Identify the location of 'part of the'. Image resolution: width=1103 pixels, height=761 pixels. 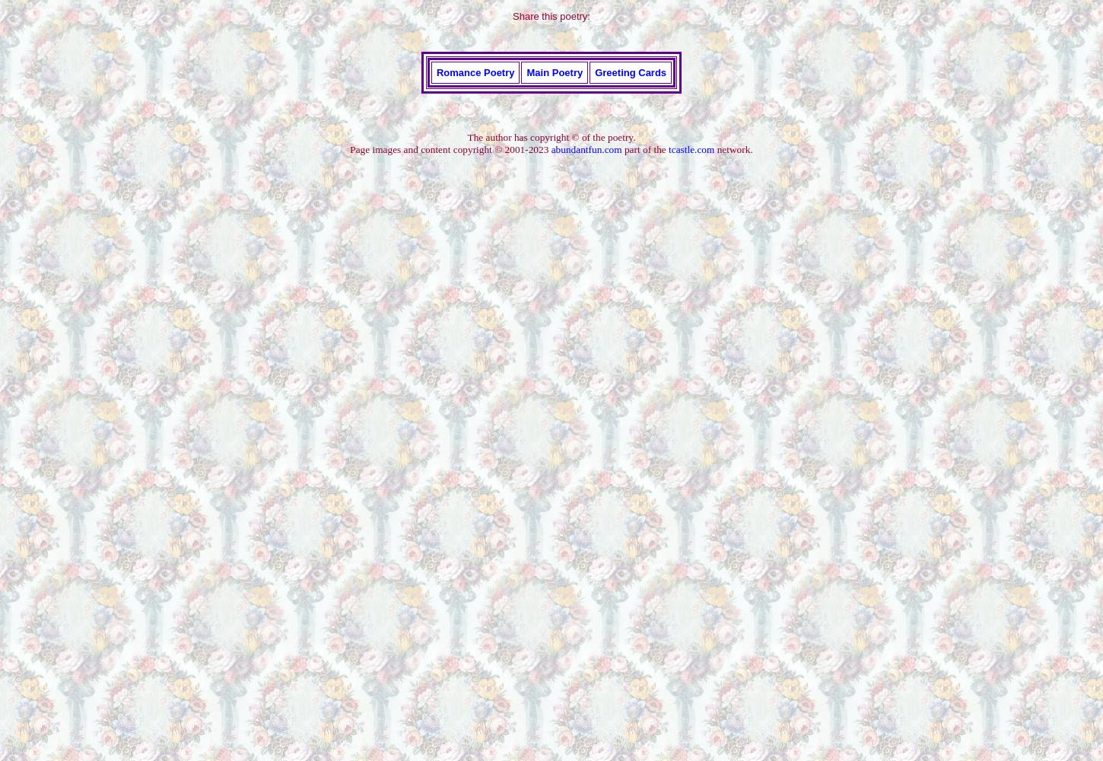
(644, 148).